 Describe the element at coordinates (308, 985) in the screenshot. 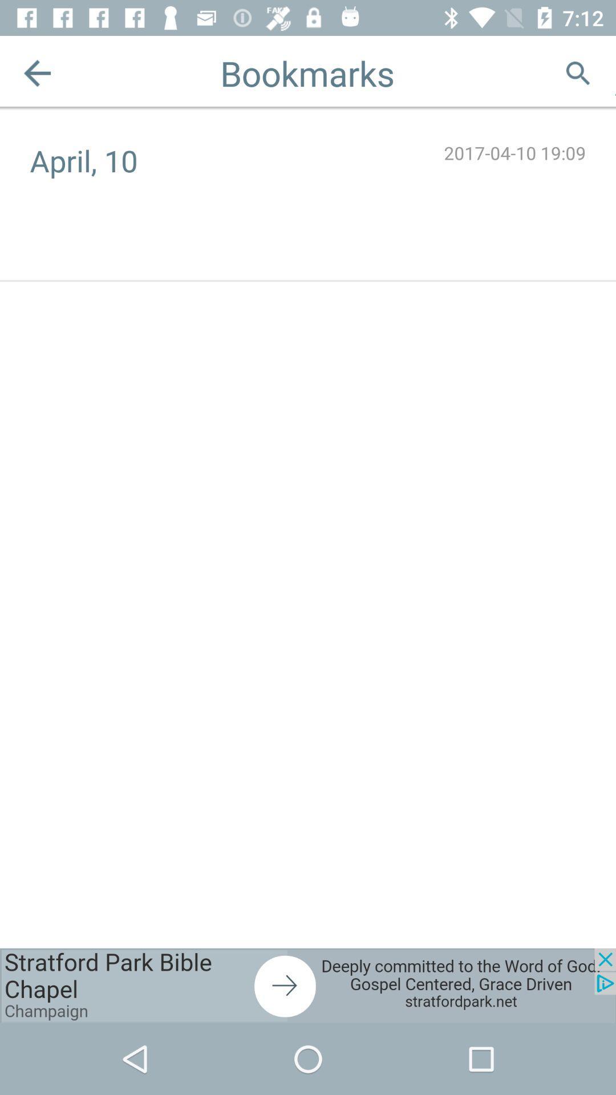

I see `advertisement page` at that location.